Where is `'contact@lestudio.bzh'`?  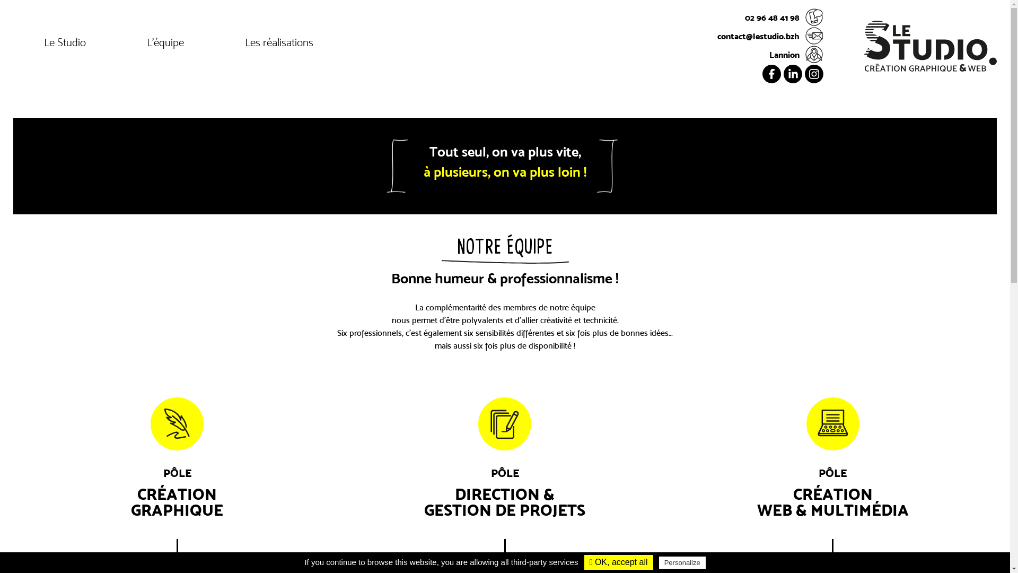 'contact@lestudio.bzh' is located at coordinates (770, 35).